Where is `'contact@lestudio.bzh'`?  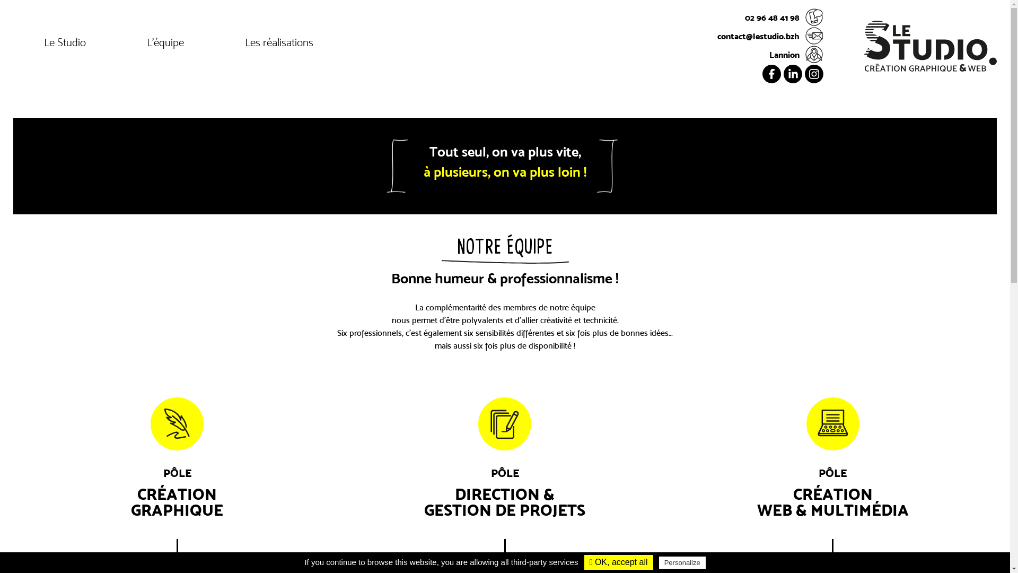 'contact@lestudio.bzh' is located at coordinates (770, 35).